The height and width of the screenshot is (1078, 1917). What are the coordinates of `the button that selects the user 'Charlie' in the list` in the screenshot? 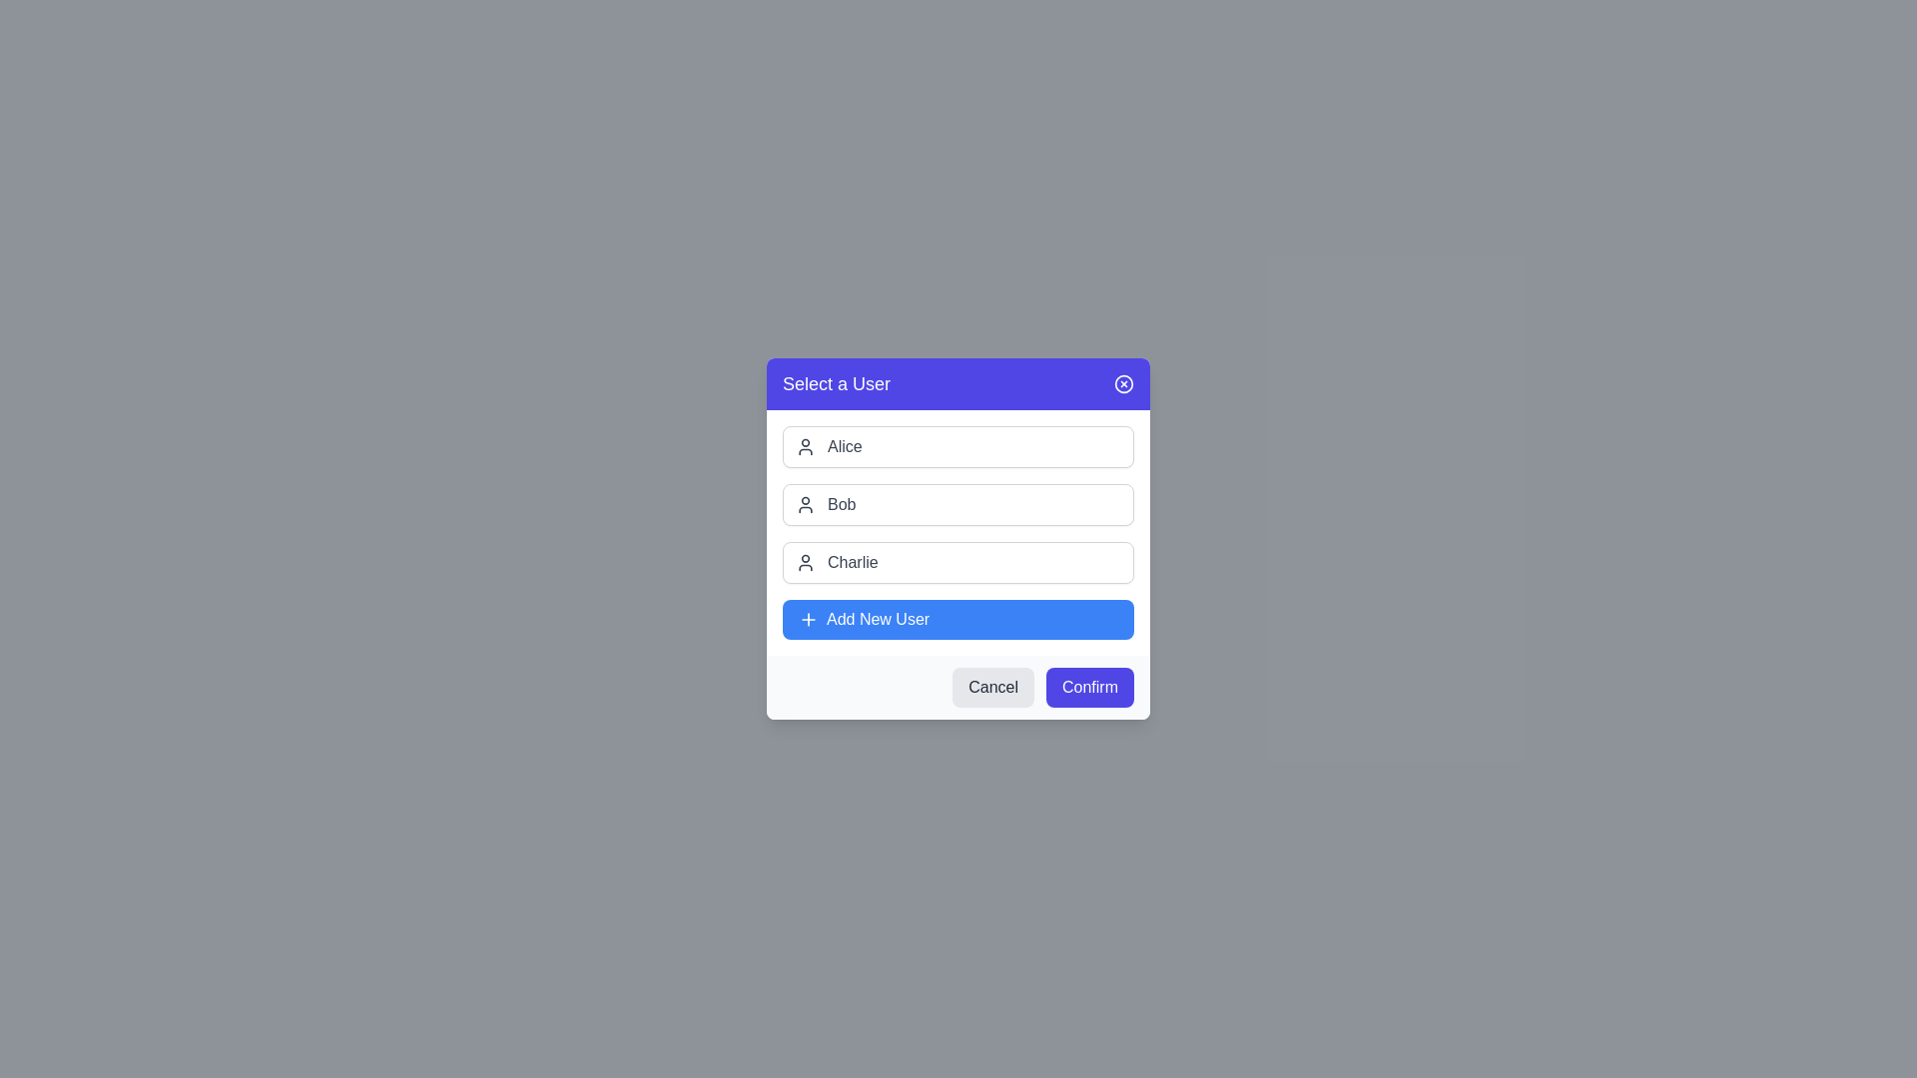 It's located at (958, 562).